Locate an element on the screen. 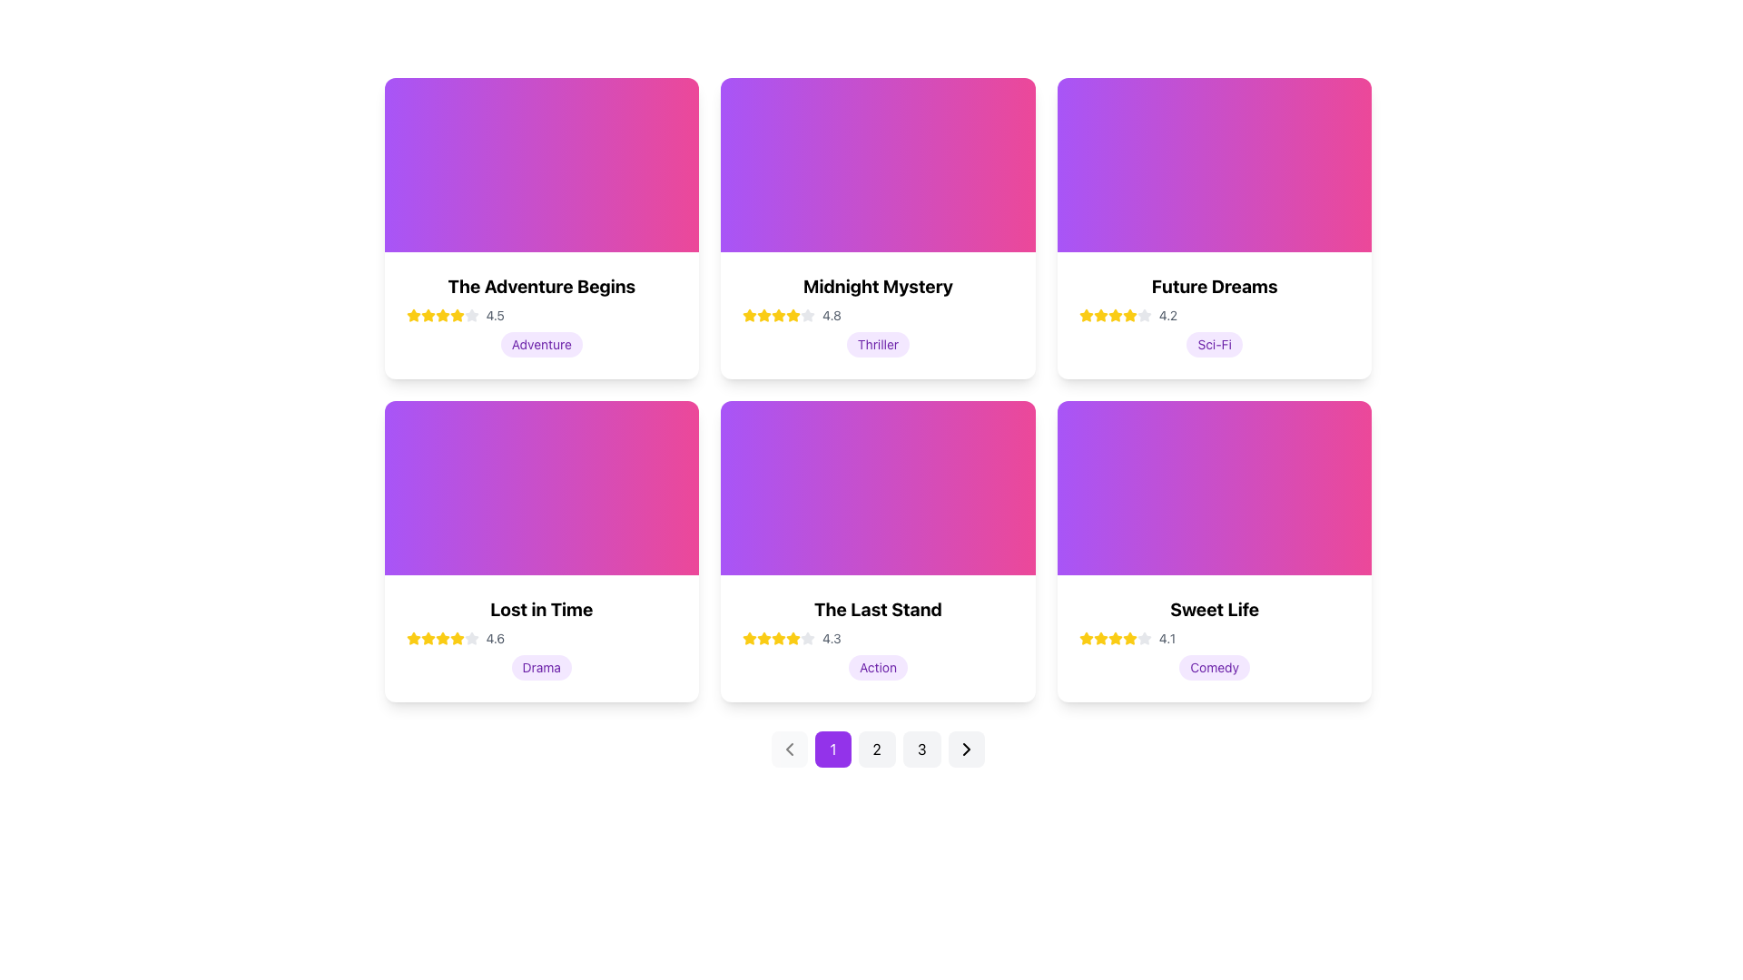 This screenshot has width=1743, height=980. the second star icon in the five-star rating system for 'Midnight Mystery' is located at coordinates (807, 314).